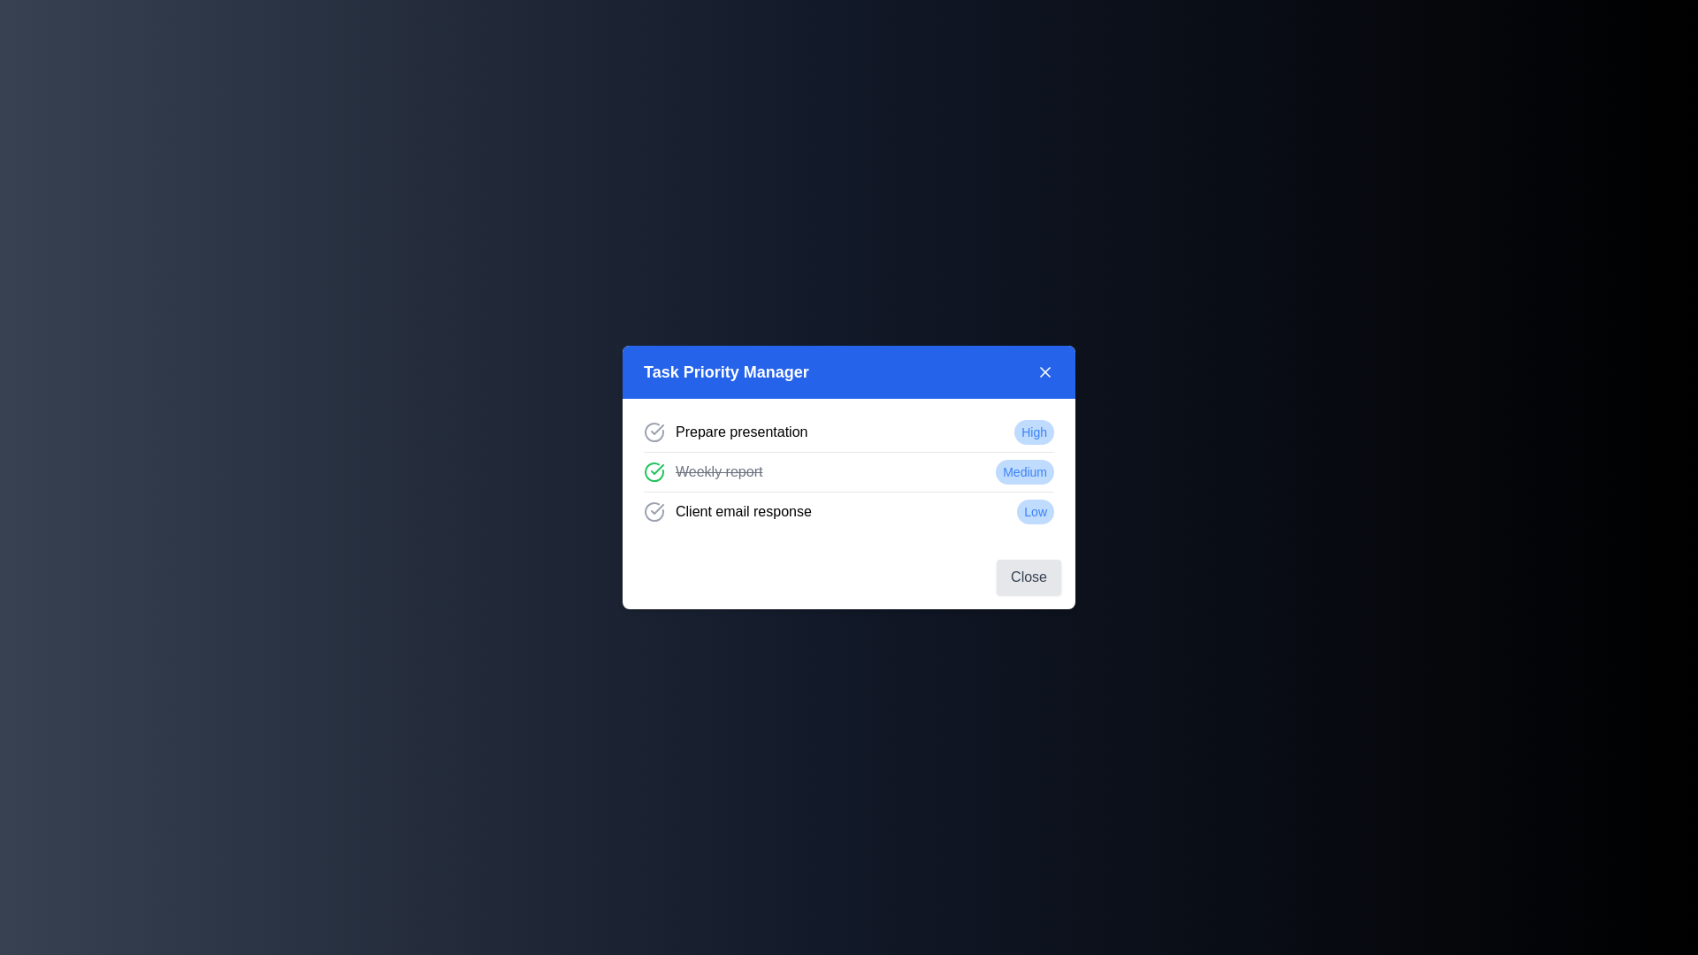  Describe the element at coordinates (725, 432) in the screenshot. I see `the task item labeled 'Prepare presentation' in the 'Task Priority Manager' dialog box` at that location.